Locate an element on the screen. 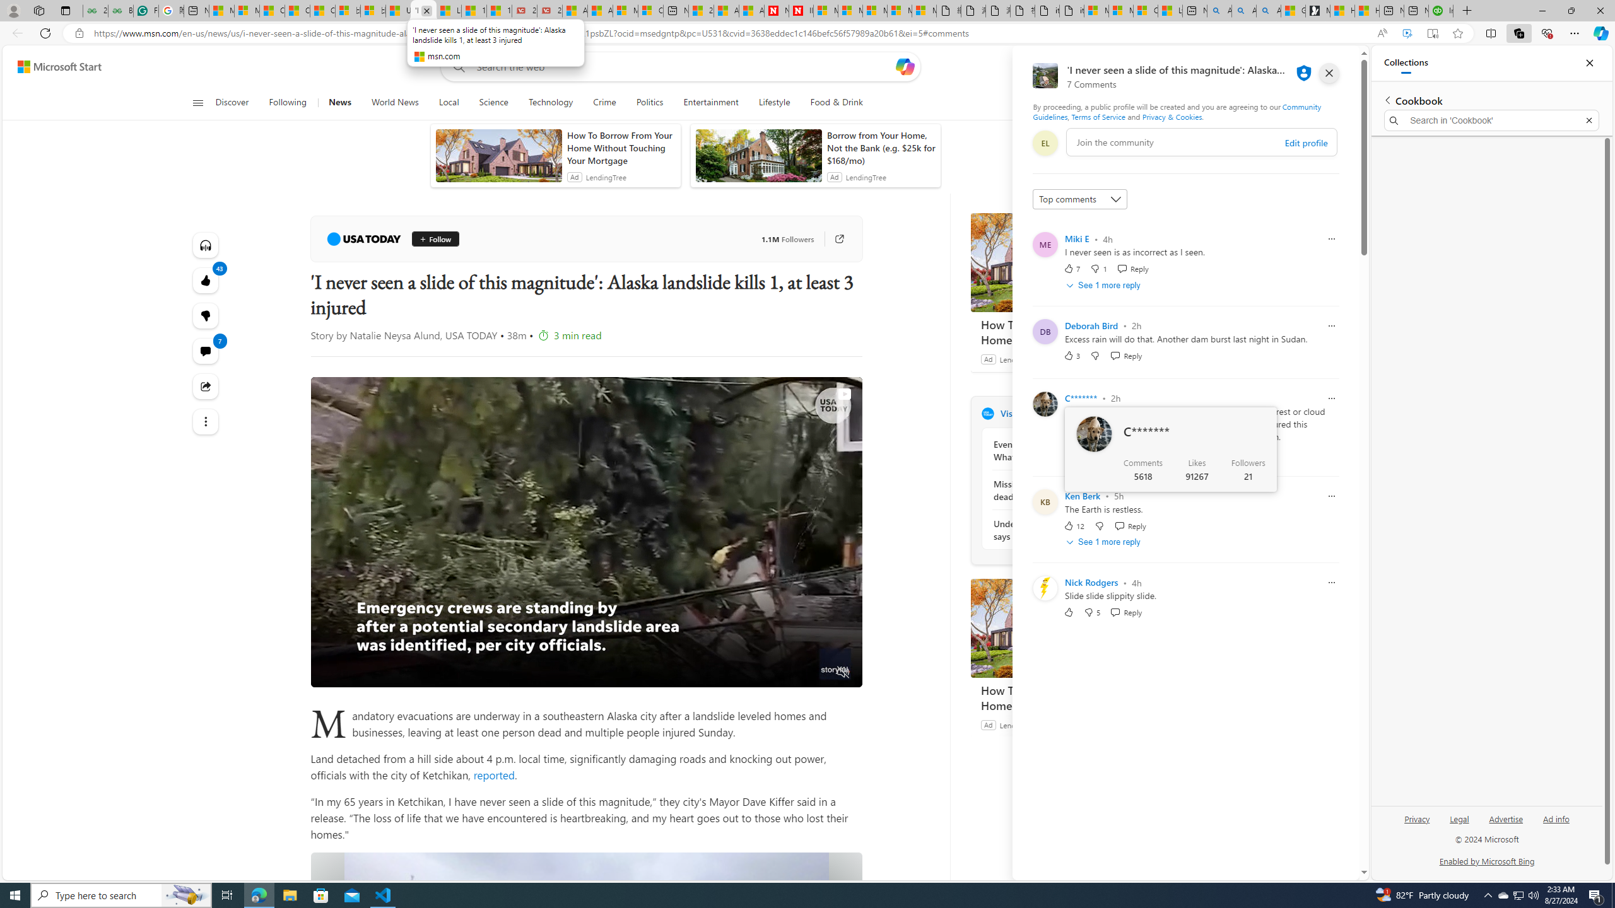  'Best SSL Certificates Provider in India - GeeksforGeeks' is located at coordinates (120, 10).